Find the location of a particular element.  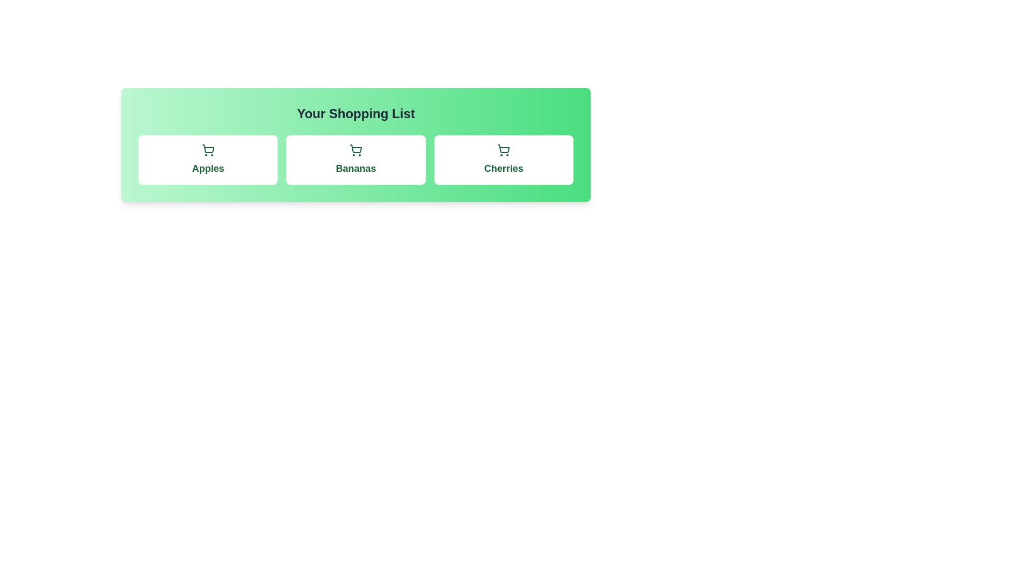

the item Cherries in the shopping list is located at coordinates (503, 160).